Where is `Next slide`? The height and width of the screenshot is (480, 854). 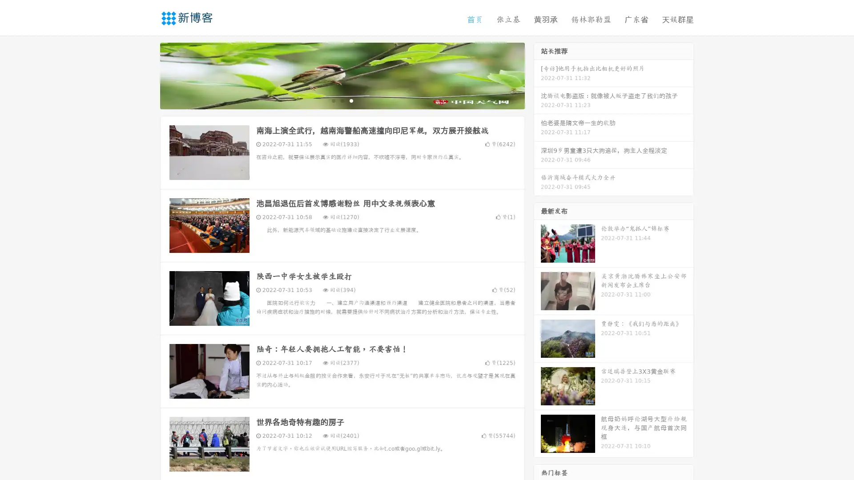 Next slide is located at coordinates (537, 75).